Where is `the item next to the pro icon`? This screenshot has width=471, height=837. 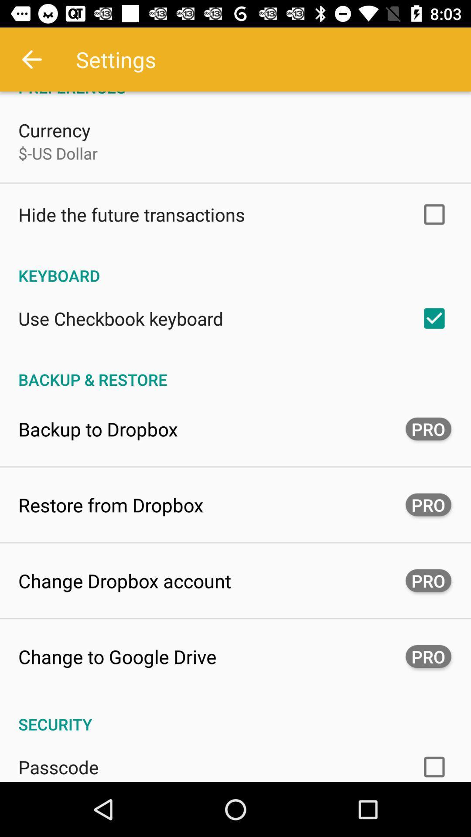 the item next to the pro icon is located at coordinates (98, 429).